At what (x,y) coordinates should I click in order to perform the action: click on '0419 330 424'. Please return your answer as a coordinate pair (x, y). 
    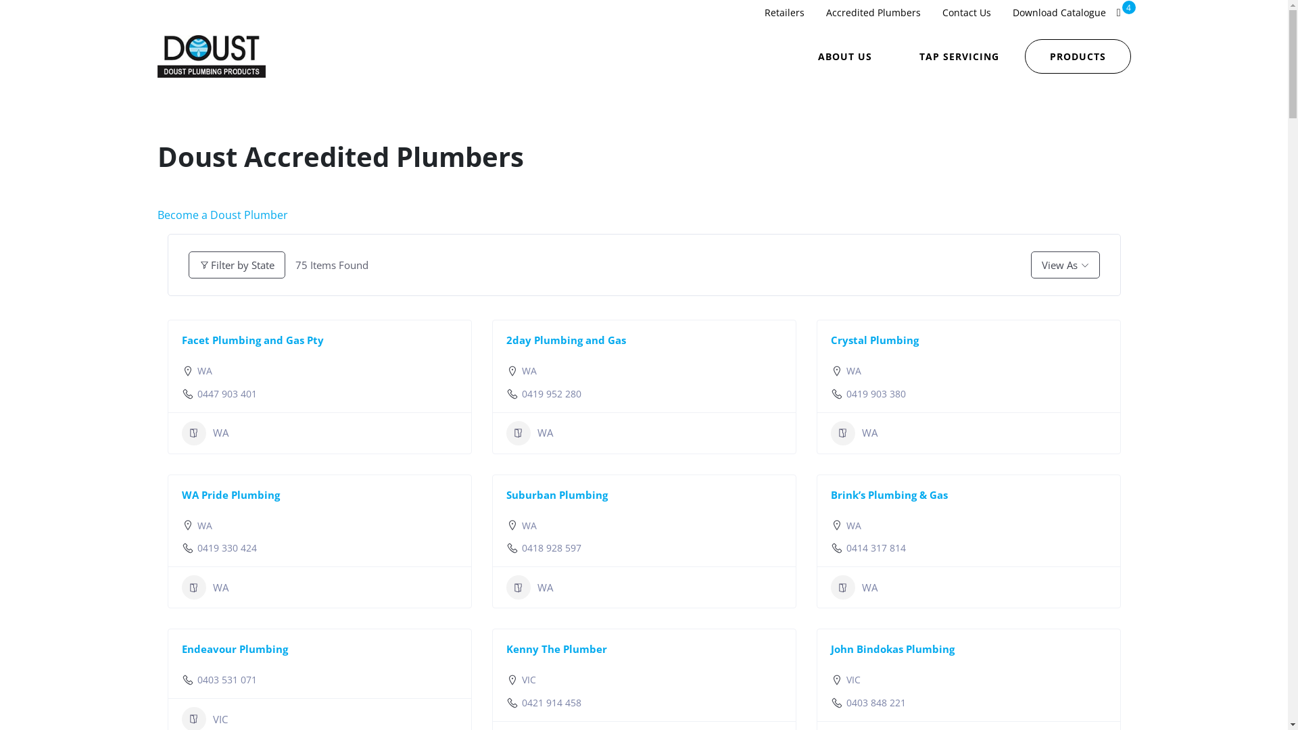
    Looking at the image, I should click on (227, 547).